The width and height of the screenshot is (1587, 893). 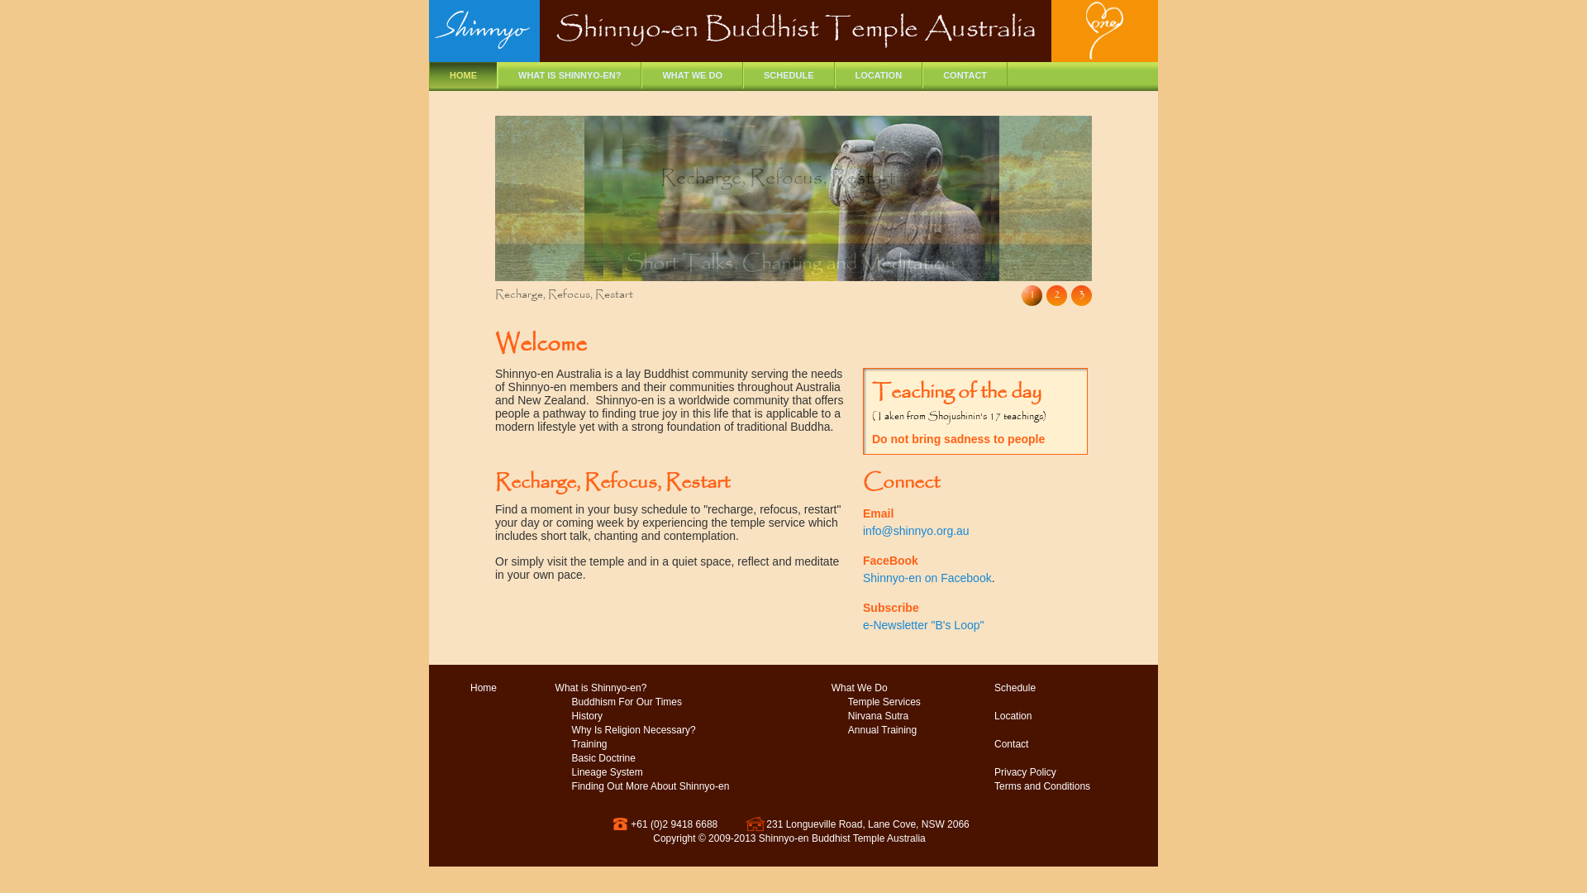 I want to click on '2', so click(x=1056, y=294).